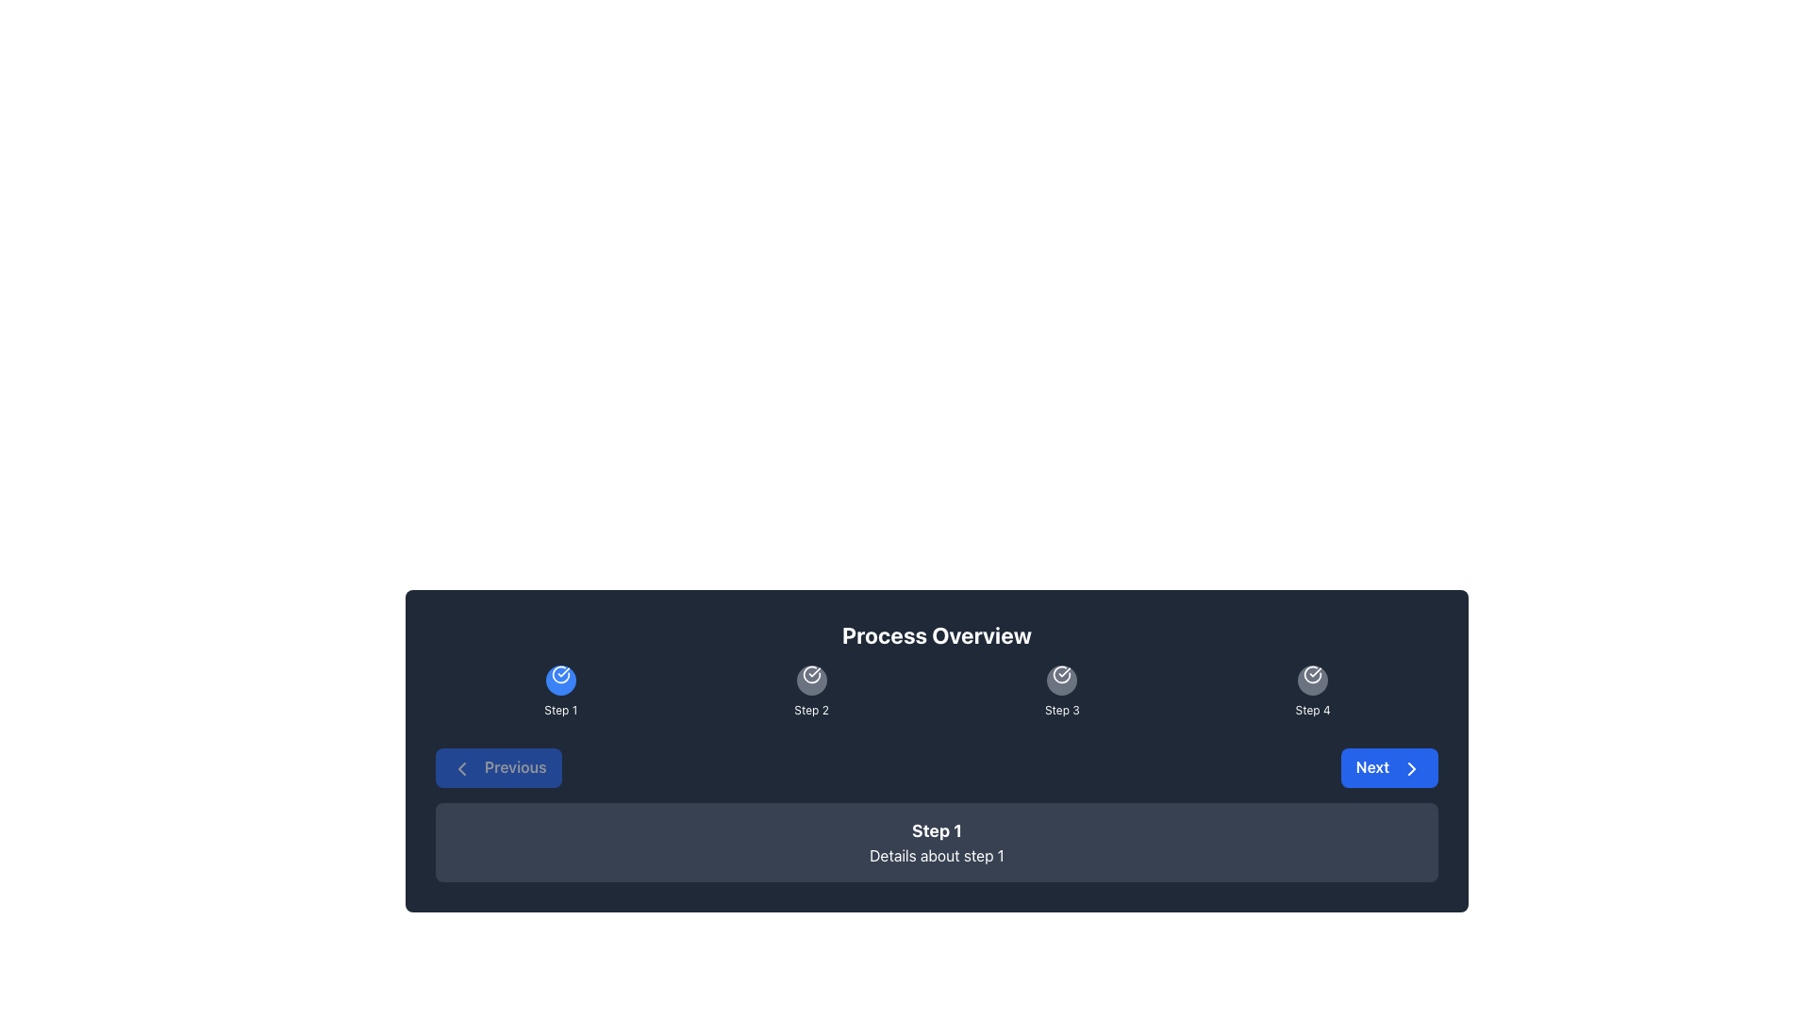  What do you see at coordinates (559, 710) in the screenshot?
I see `the Text label indicating the current step in the multi-step process, located below the circular icon for Step 1` at bounding box center [559, 710].